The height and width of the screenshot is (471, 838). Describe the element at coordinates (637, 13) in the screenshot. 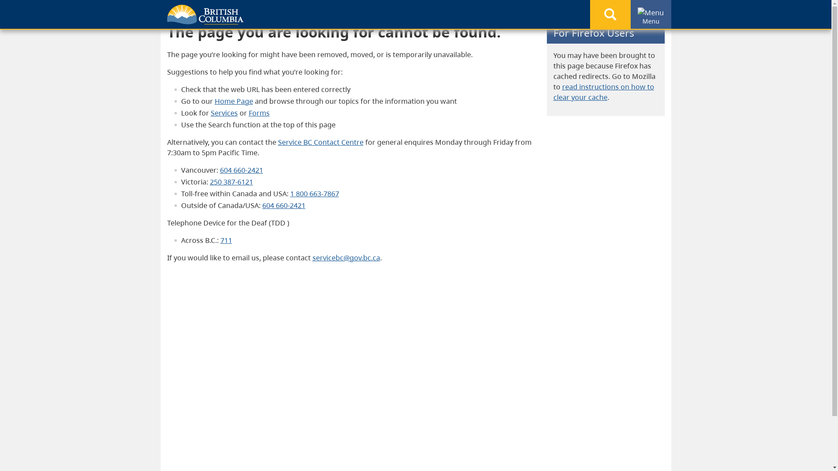

I see `'Menu'` at that location.